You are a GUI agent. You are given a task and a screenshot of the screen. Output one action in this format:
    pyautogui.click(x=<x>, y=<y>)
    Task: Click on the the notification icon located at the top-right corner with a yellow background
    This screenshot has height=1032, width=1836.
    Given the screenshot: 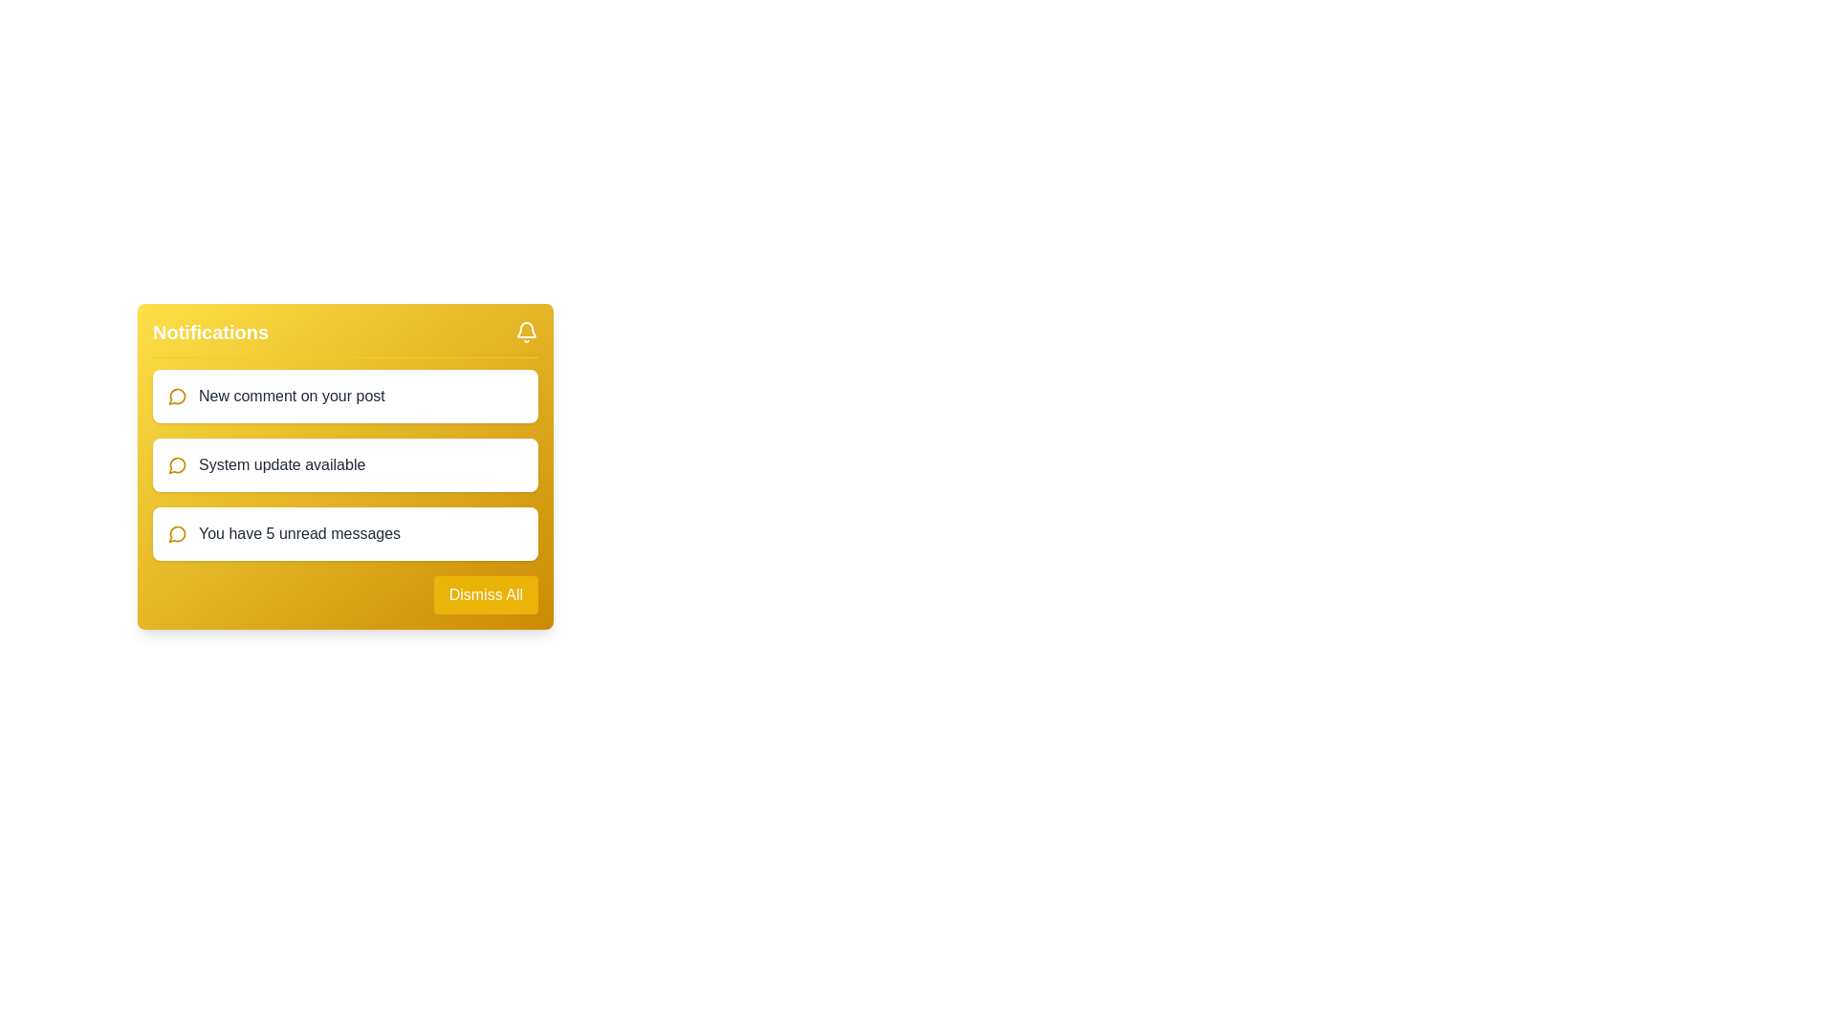 What is the action you would take?
    pyautogui.click(x=527, y=331)
    